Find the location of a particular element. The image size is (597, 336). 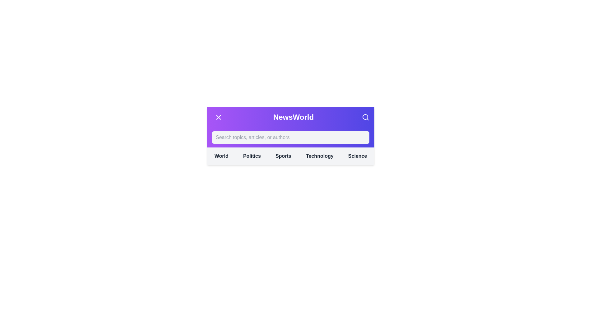

search icon to toggle the search bar expansion is located at coordinates (366, 117).